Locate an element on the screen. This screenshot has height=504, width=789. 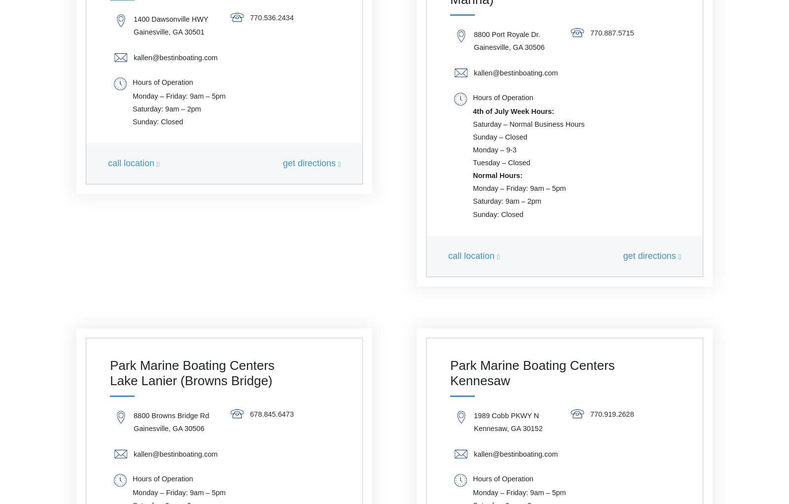
'Normal Hours:' is located at coordinates (472, 175).